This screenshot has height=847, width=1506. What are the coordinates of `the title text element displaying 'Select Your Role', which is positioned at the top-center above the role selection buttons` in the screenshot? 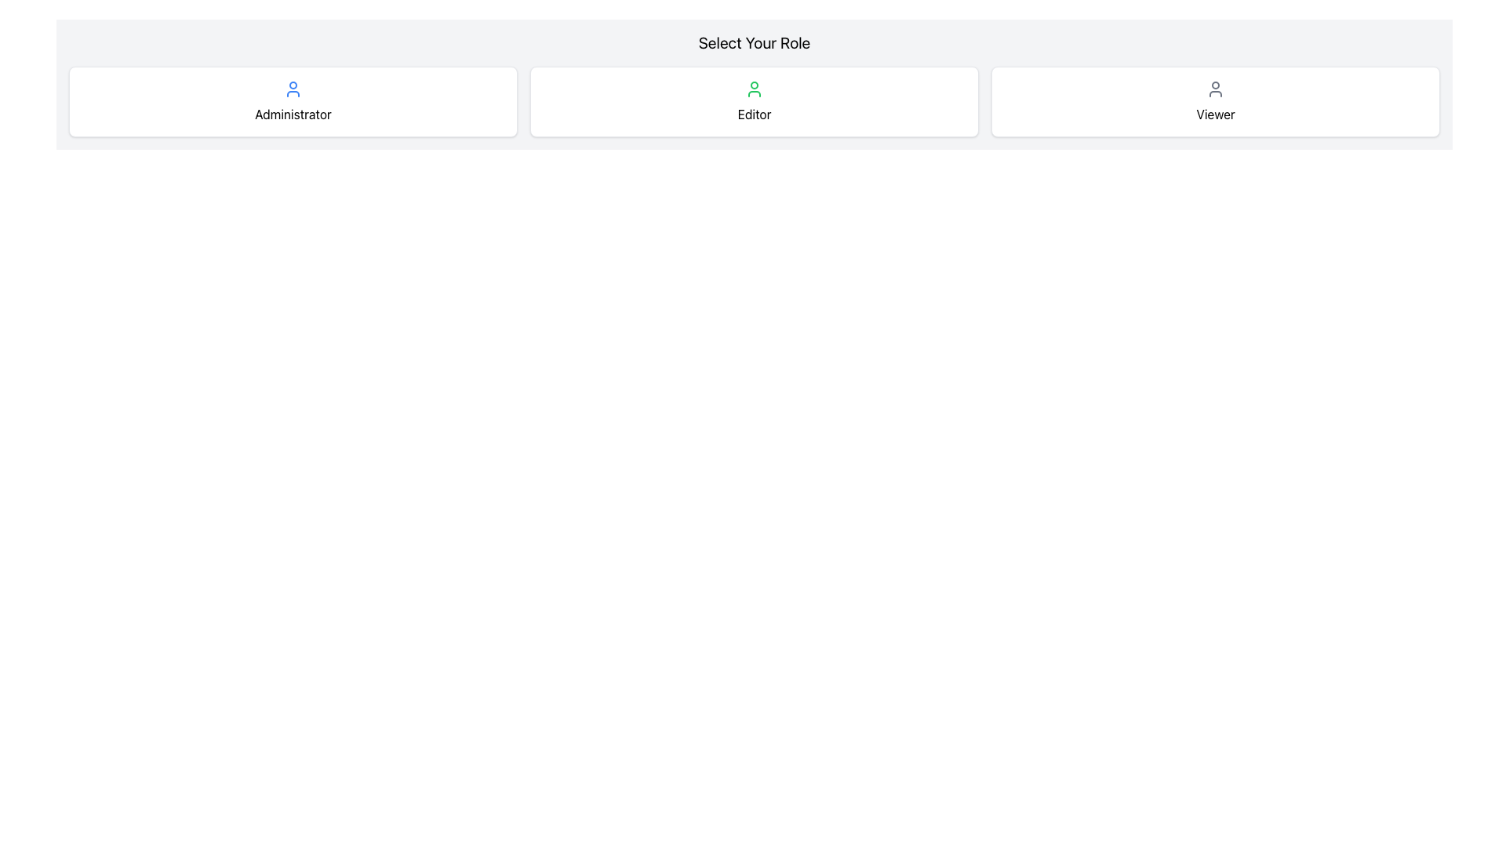 It's located at (754, 42).